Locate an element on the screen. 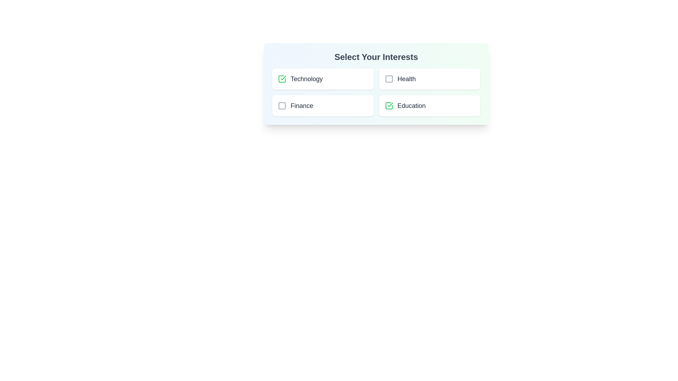 The height and width of the screenshot is (381, 678). the category item Education to toggle its selection state is located at coordinates (429, 106).